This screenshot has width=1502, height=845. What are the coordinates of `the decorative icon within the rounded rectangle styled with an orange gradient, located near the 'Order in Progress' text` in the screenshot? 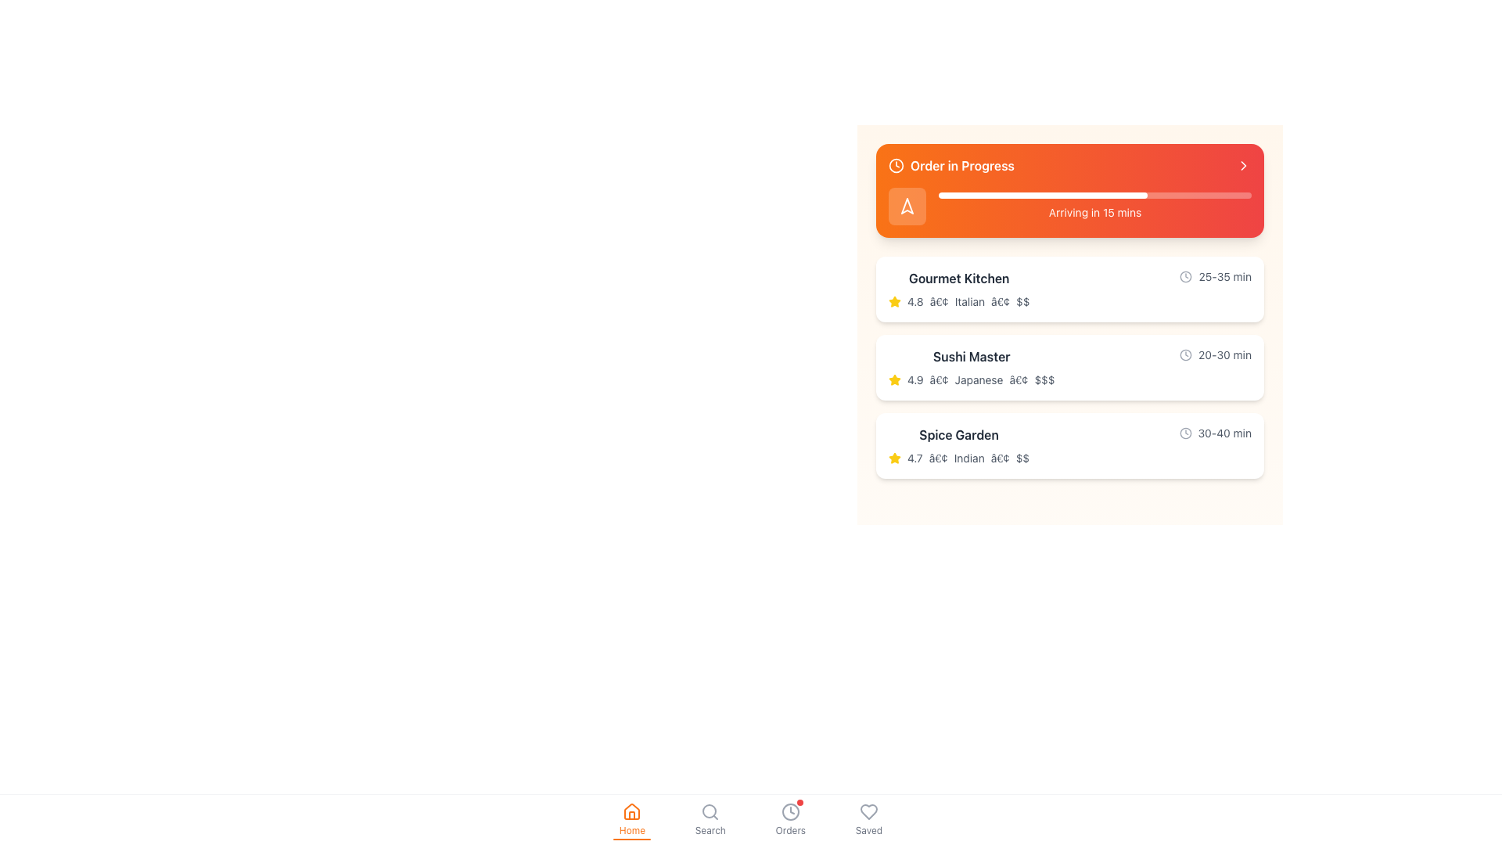 It's located at (907, 205).